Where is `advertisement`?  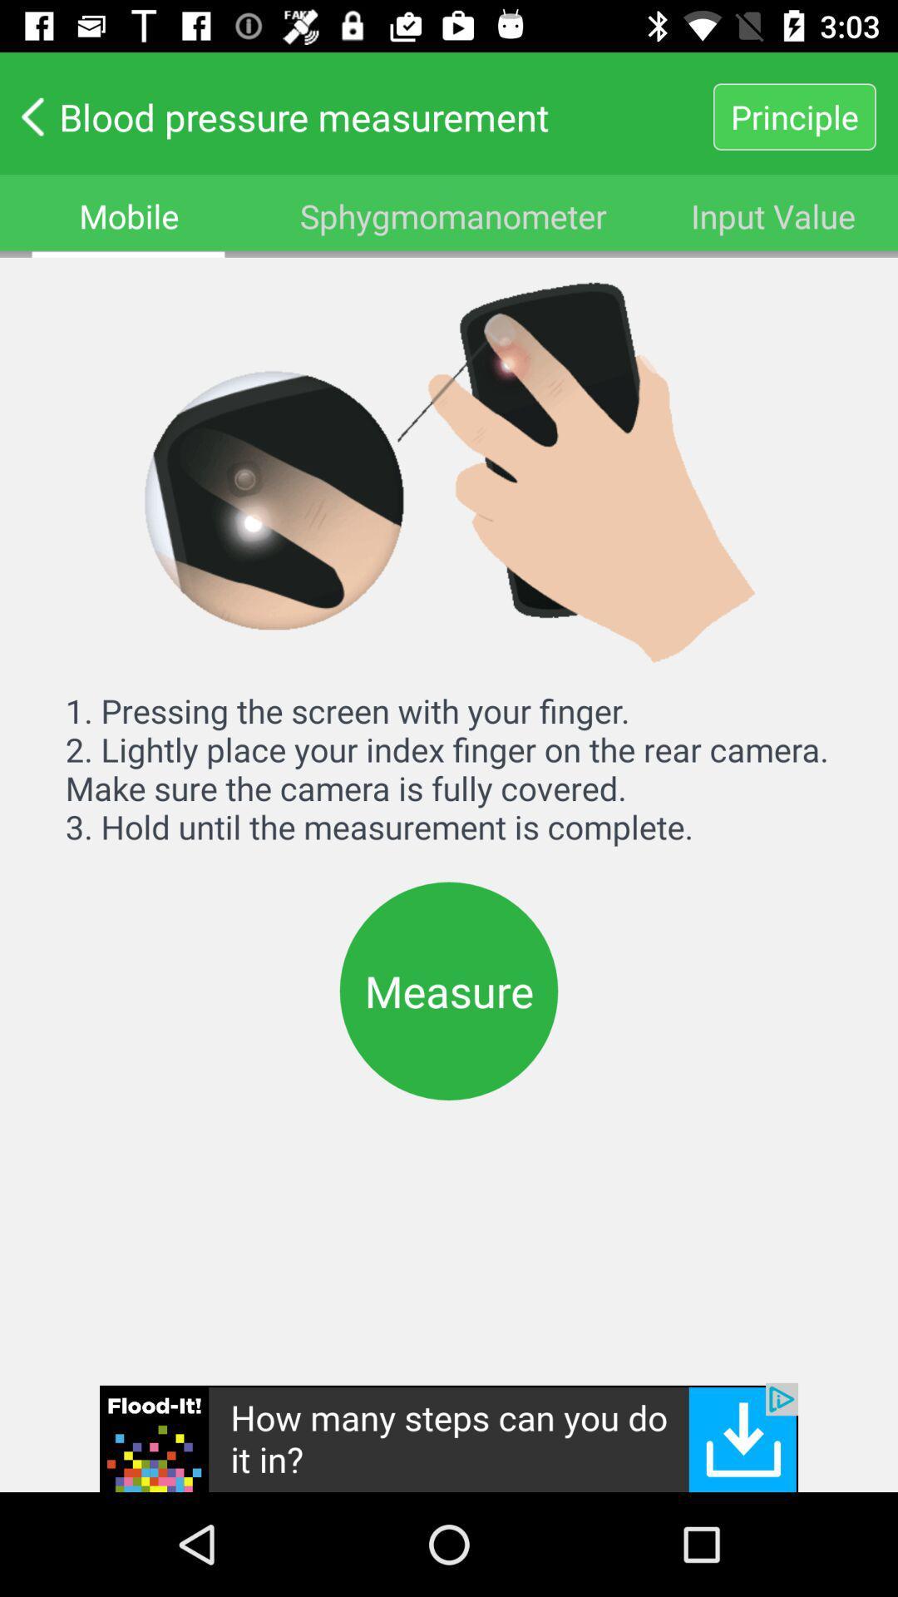
advertisement is located at coordinates (449, 1436).